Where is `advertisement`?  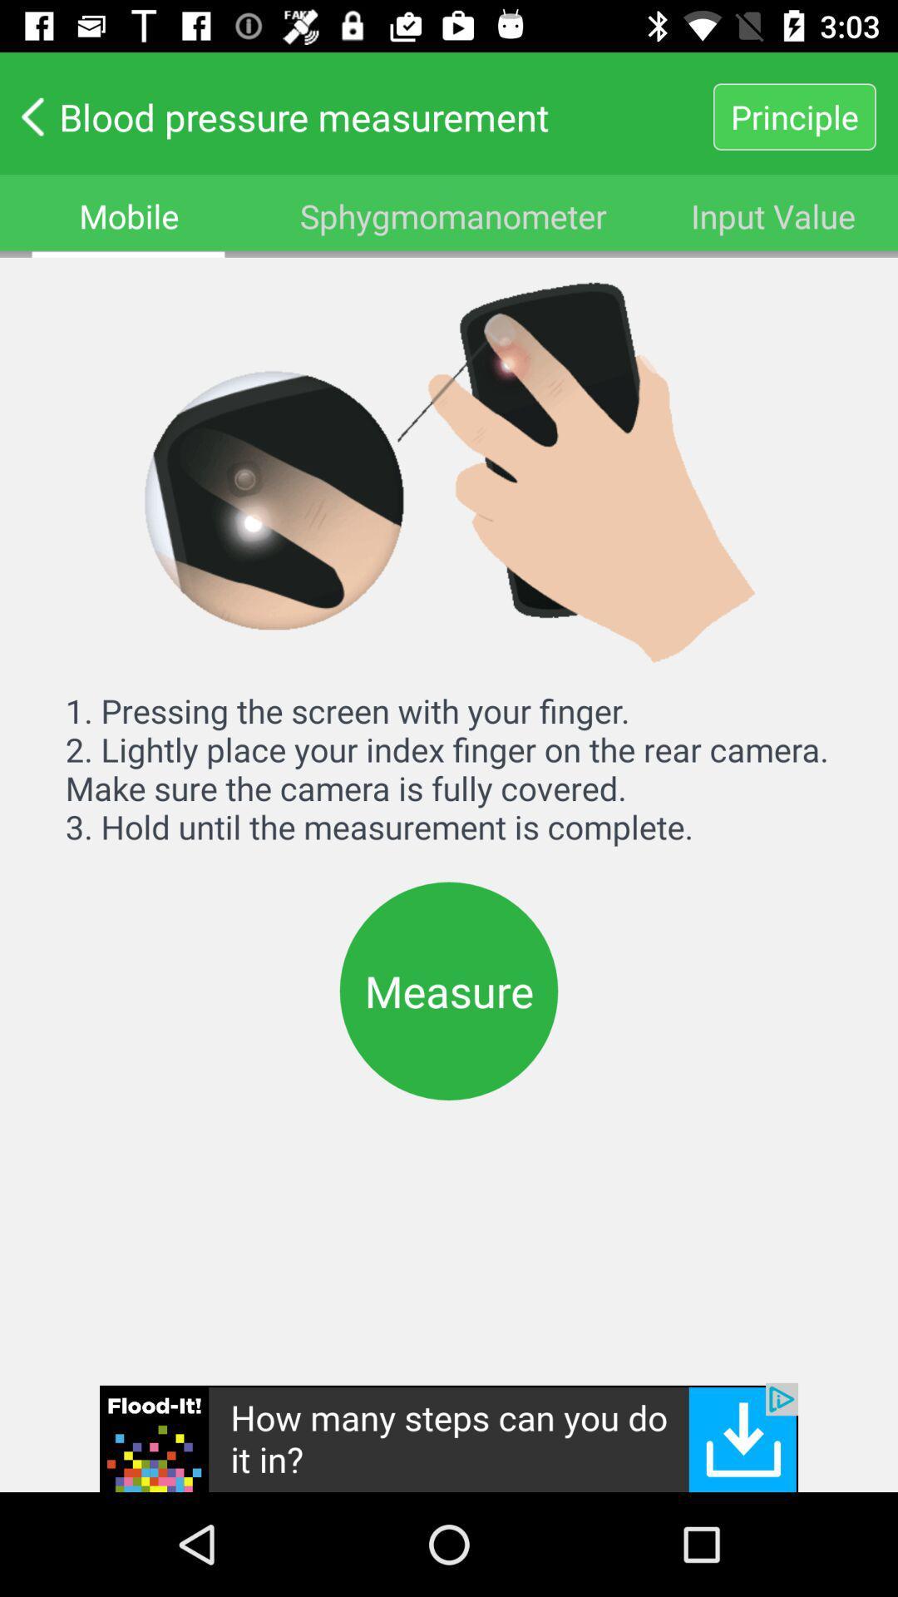
advertisement is located at coordinates (449, 1436).